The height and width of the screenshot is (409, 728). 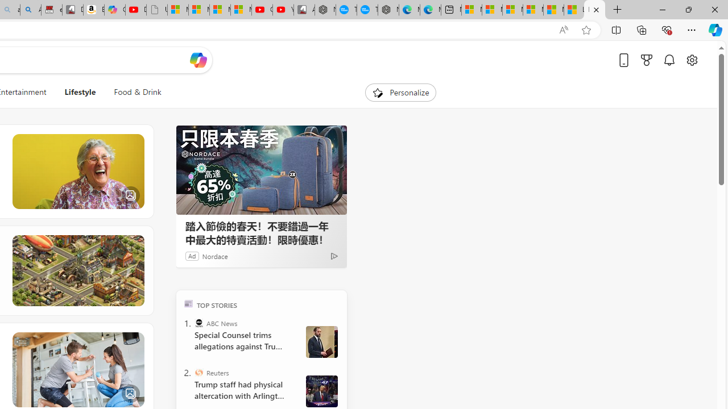 What do you see at coordinates (283, 10) in the screenshot?
I see `'YouTube Kids - An App Created for Kids to Explore Content'` at bounding box center [283, 10].